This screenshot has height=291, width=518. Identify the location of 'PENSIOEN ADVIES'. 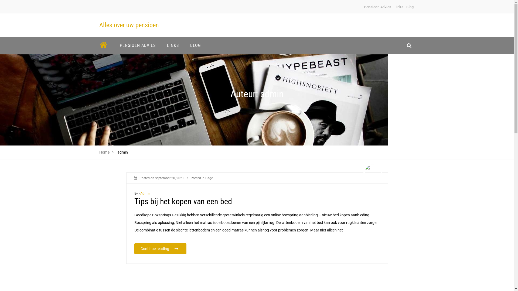
(116, 45).